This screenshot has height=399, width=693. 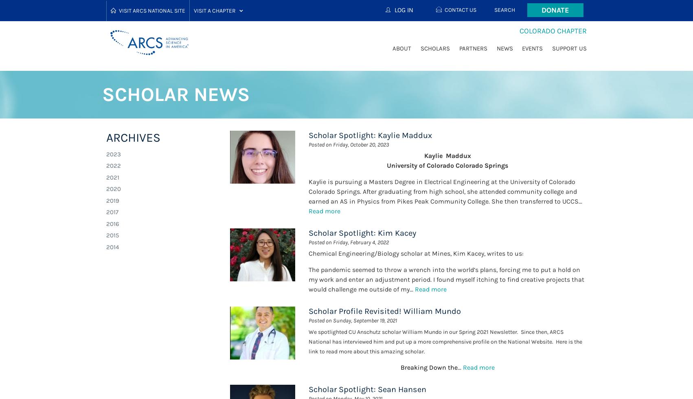 What do you see at coordinates (214, 48) in the screenshot?
I see `'Atlanta'` at bounding box center [214, 48].